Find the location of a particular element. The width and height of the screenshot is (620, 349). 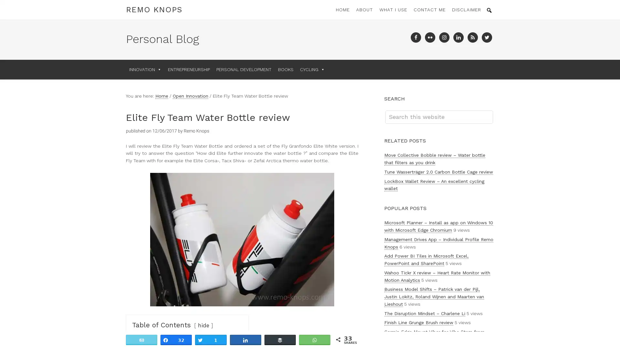

Search is located at coordinates (492, 110).